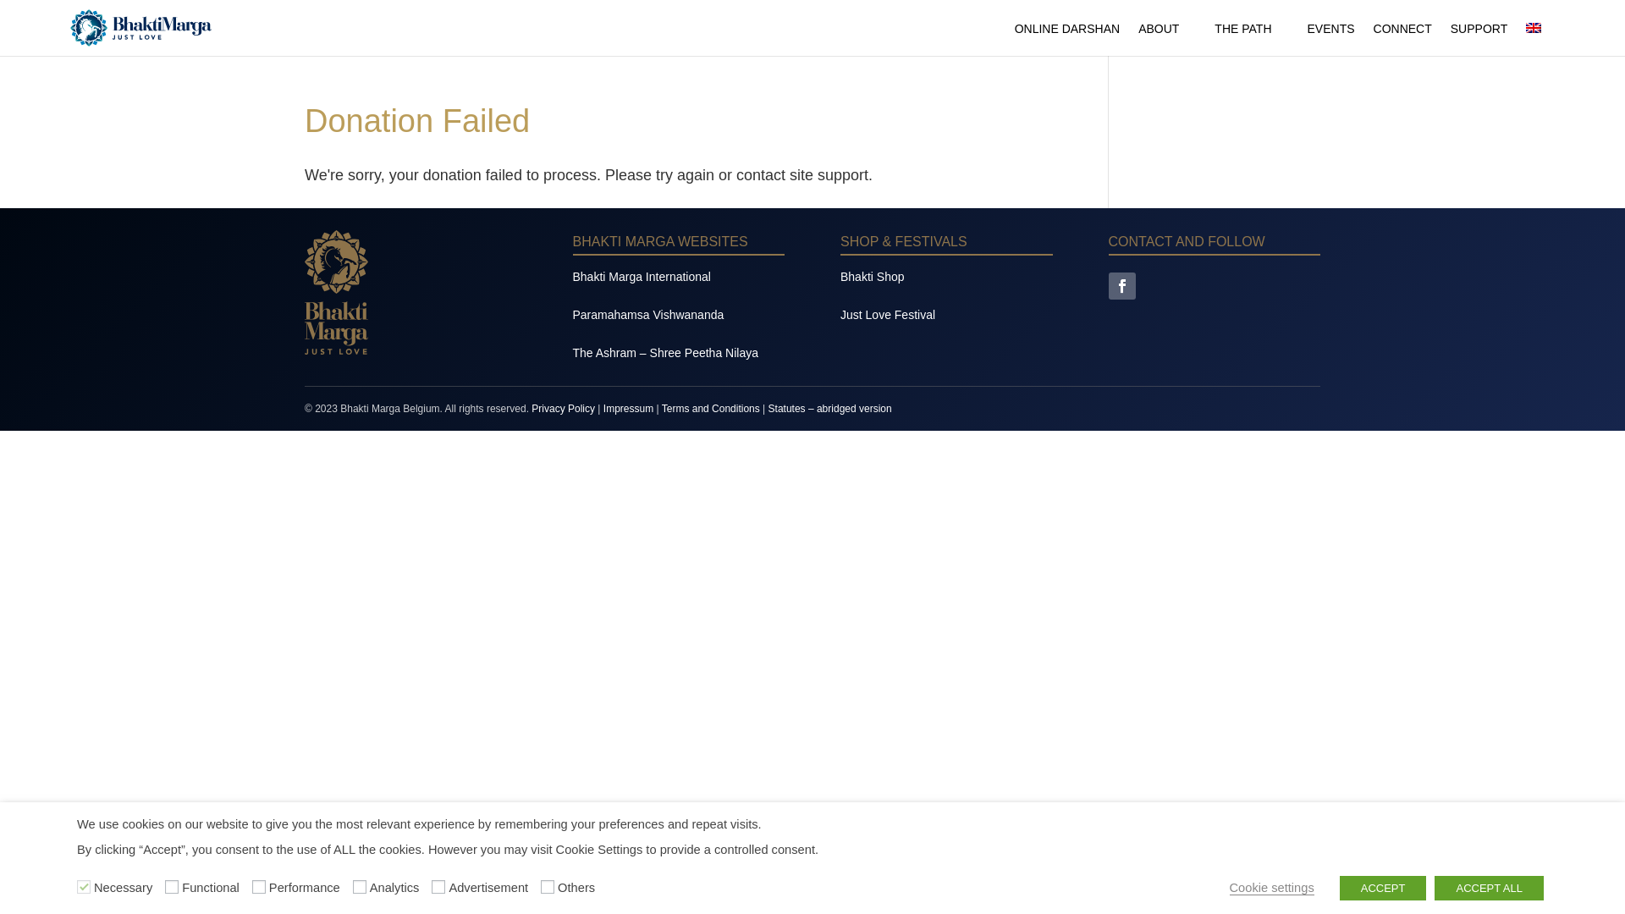  What do you see at coordinates (1271, 887) in the screenshot?
I see `'Cookie settings'` at bounding box center [1271, 887].